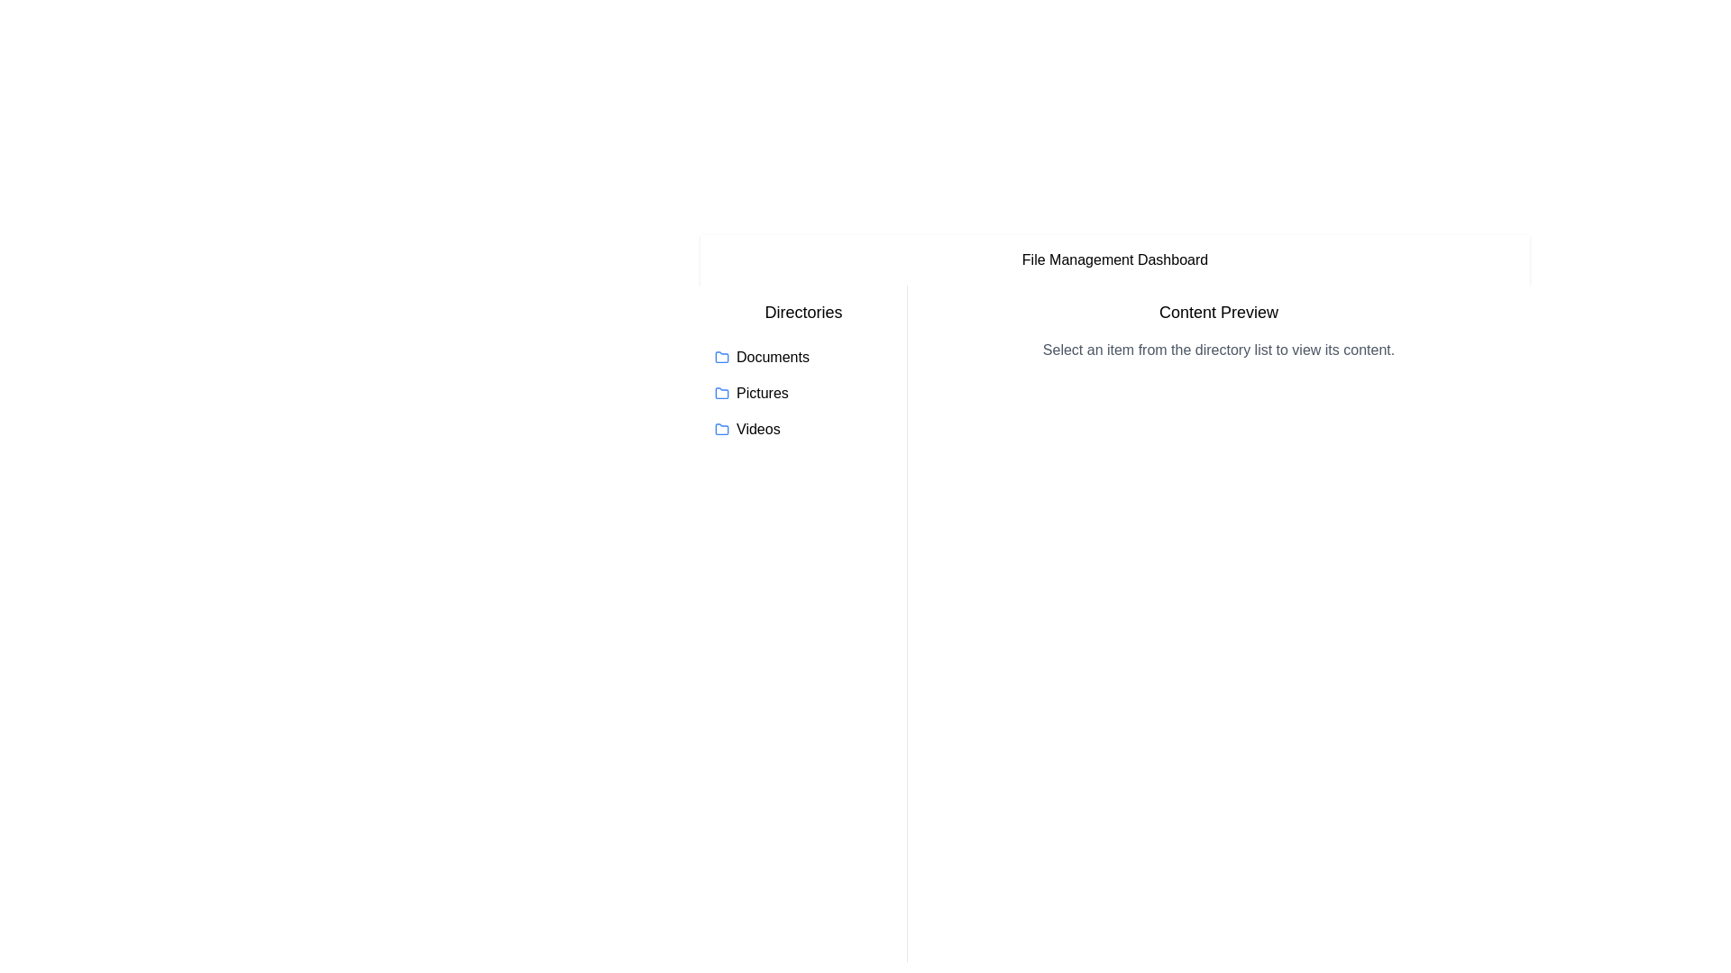  Describe the element at coordinates (722, 428) in the screenshot. I see `folder icon representing the 'Videos' directory, which is the third folder icon in the directory listing, by clicking on it for detail` at that location.